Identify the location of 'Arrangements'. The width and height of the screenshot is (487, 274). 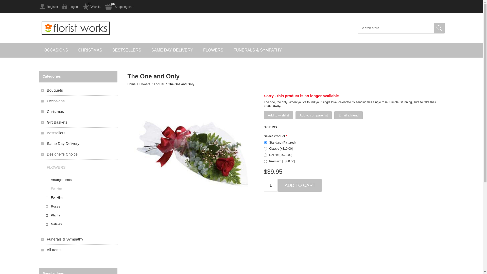
(81, 179).